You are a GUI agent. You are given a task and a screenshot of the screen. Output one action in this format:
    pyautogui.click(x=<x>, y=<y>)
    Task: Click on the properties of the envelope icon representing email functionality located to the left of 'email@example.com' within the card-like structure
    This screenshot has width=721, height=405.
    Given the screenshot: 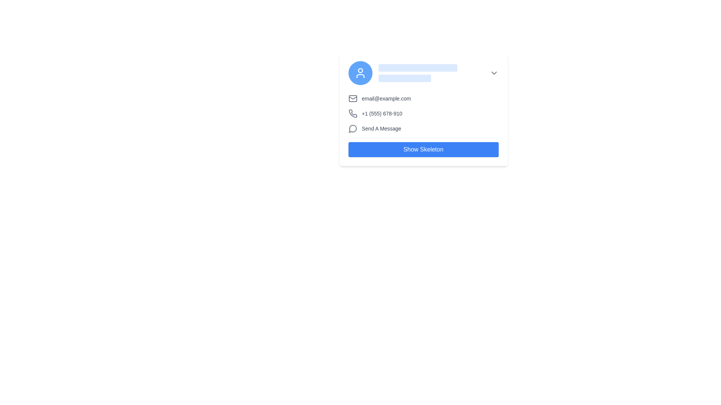 What is the action you would take?
    pyautogui.click(x=352, y=98)
    